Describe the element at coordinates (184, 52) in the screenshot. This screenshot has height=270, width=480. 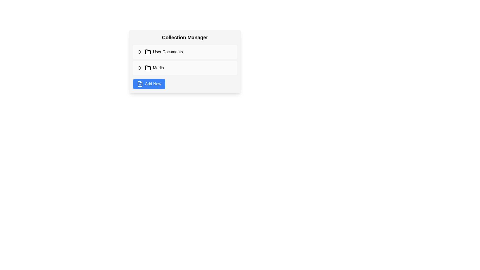
I see `the first entry in the vertical list under 'Collection Manager' labeled 'User Documents'` at that location.